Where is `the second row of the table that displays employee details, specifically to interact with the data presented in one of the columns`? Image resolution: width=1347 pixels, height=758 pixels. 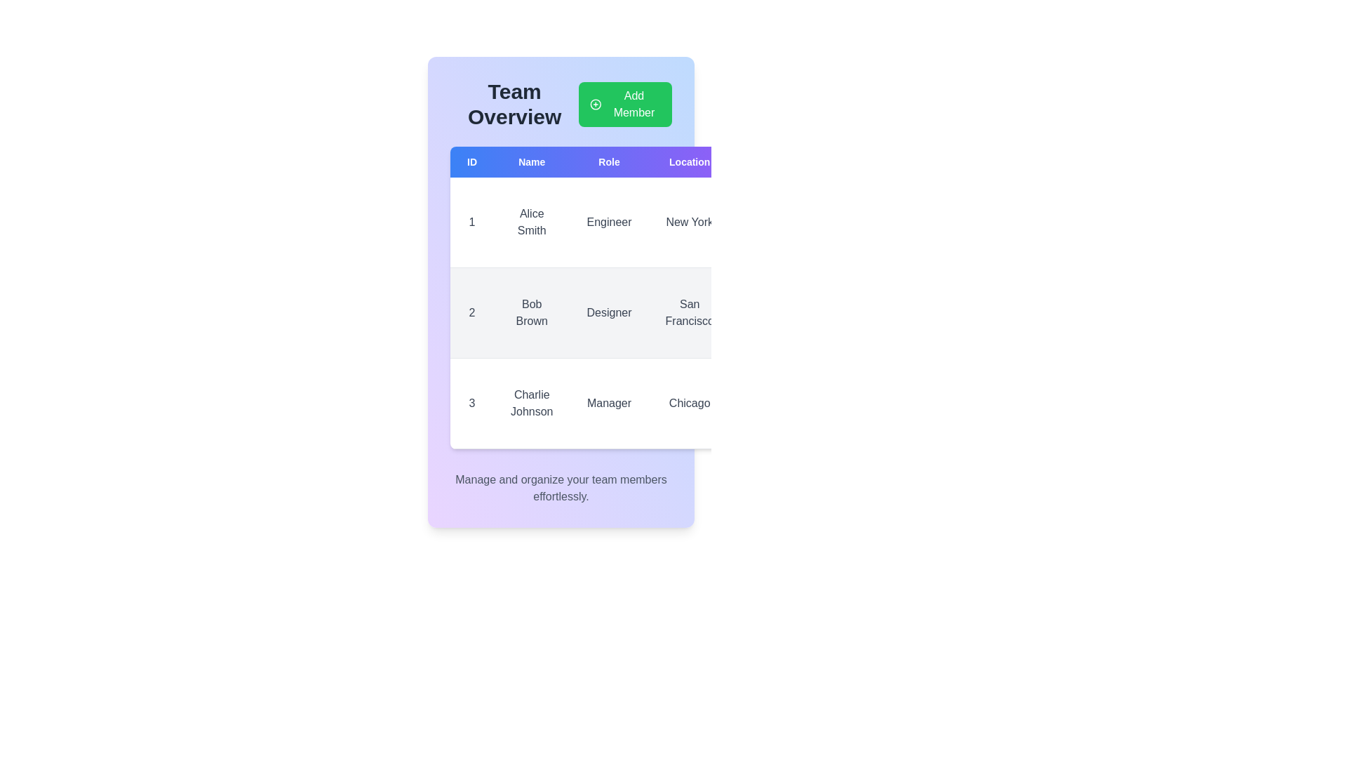 the second row of the table that displays employee details, specifically to interact with the data presented in one of the columns is located at coordinates (624, 312).